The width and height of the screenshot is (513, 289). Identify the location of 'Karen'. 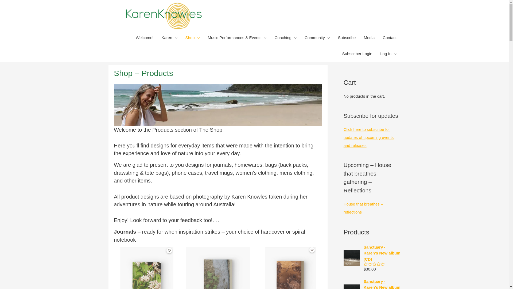
(157, 37).